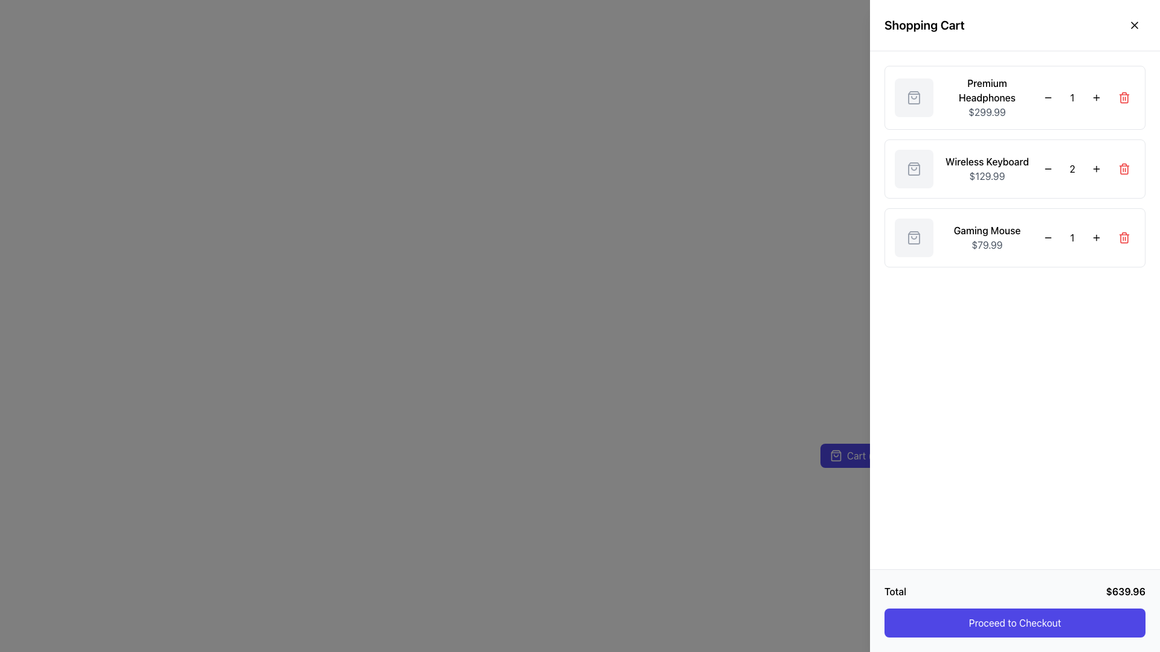 The height and width of the screenshot is (652, 1160). Describe the element at coordinates (987, 169) in the screenshot. I see `the text element displaying the product details for 'Wireless Keyboard' priced at '$129.99', located in the second entry of the shopping cart list` at that location.